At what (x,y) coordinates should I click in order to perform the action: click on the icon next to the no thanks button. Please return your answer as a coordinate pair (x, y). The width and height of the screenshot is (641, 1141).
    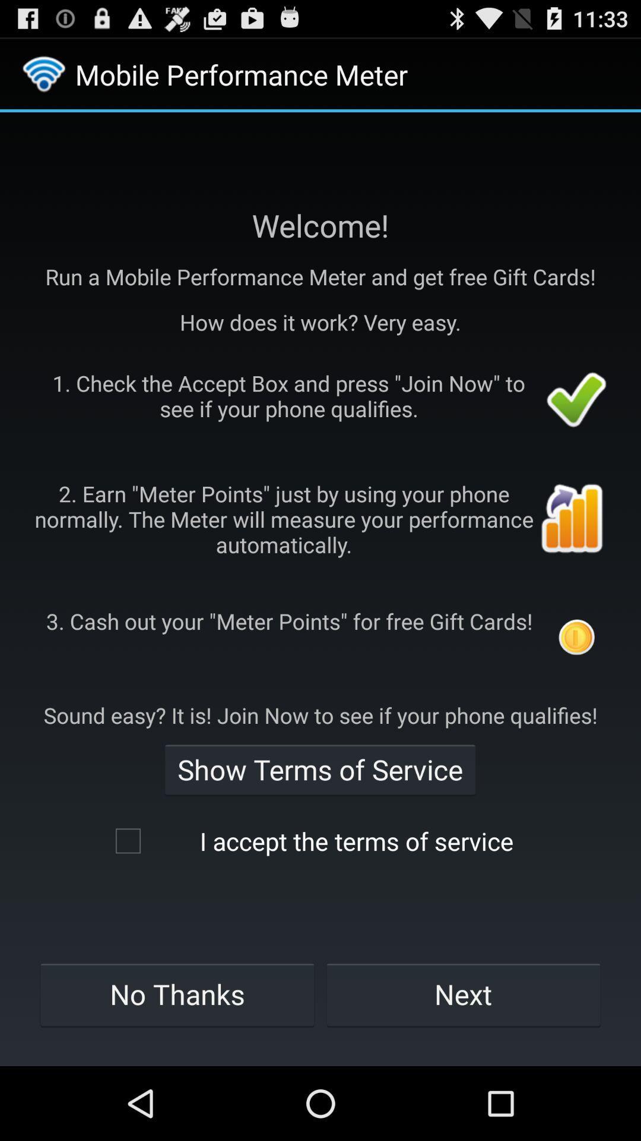
    Looking at the image, I should click on (463, 994).